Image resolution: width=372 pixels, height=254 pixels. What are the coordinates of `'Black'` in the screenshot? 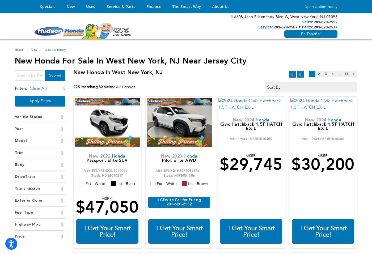 It's located at (130, 184).